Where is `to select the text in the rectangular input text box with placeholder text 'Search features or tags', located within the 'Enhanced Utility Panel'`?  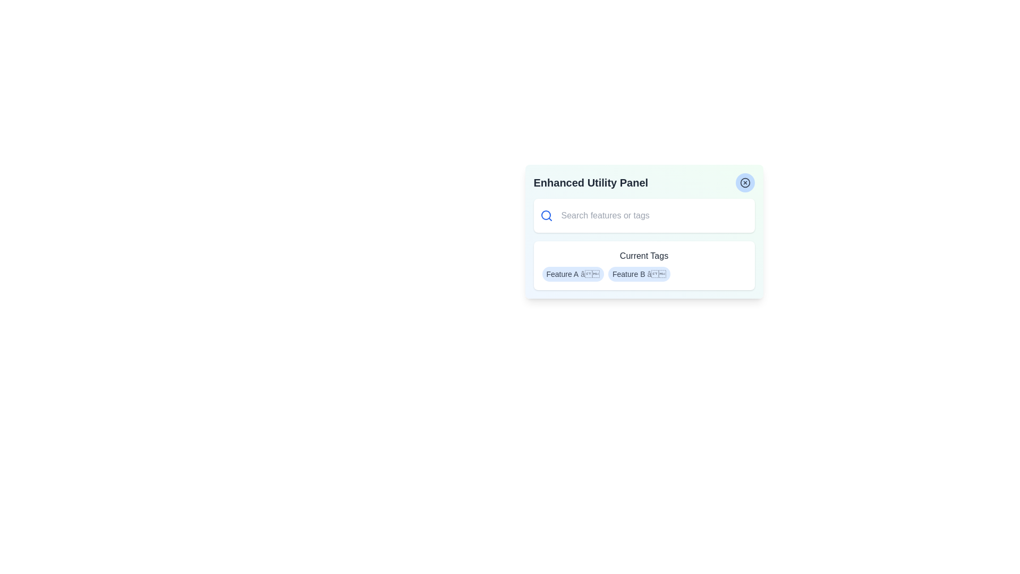
to select the text in the rectangular input text box with placeholder text 'Search features or tags', located within the 'Enhanced Utility Panel' is located at coordinates (652, 215).